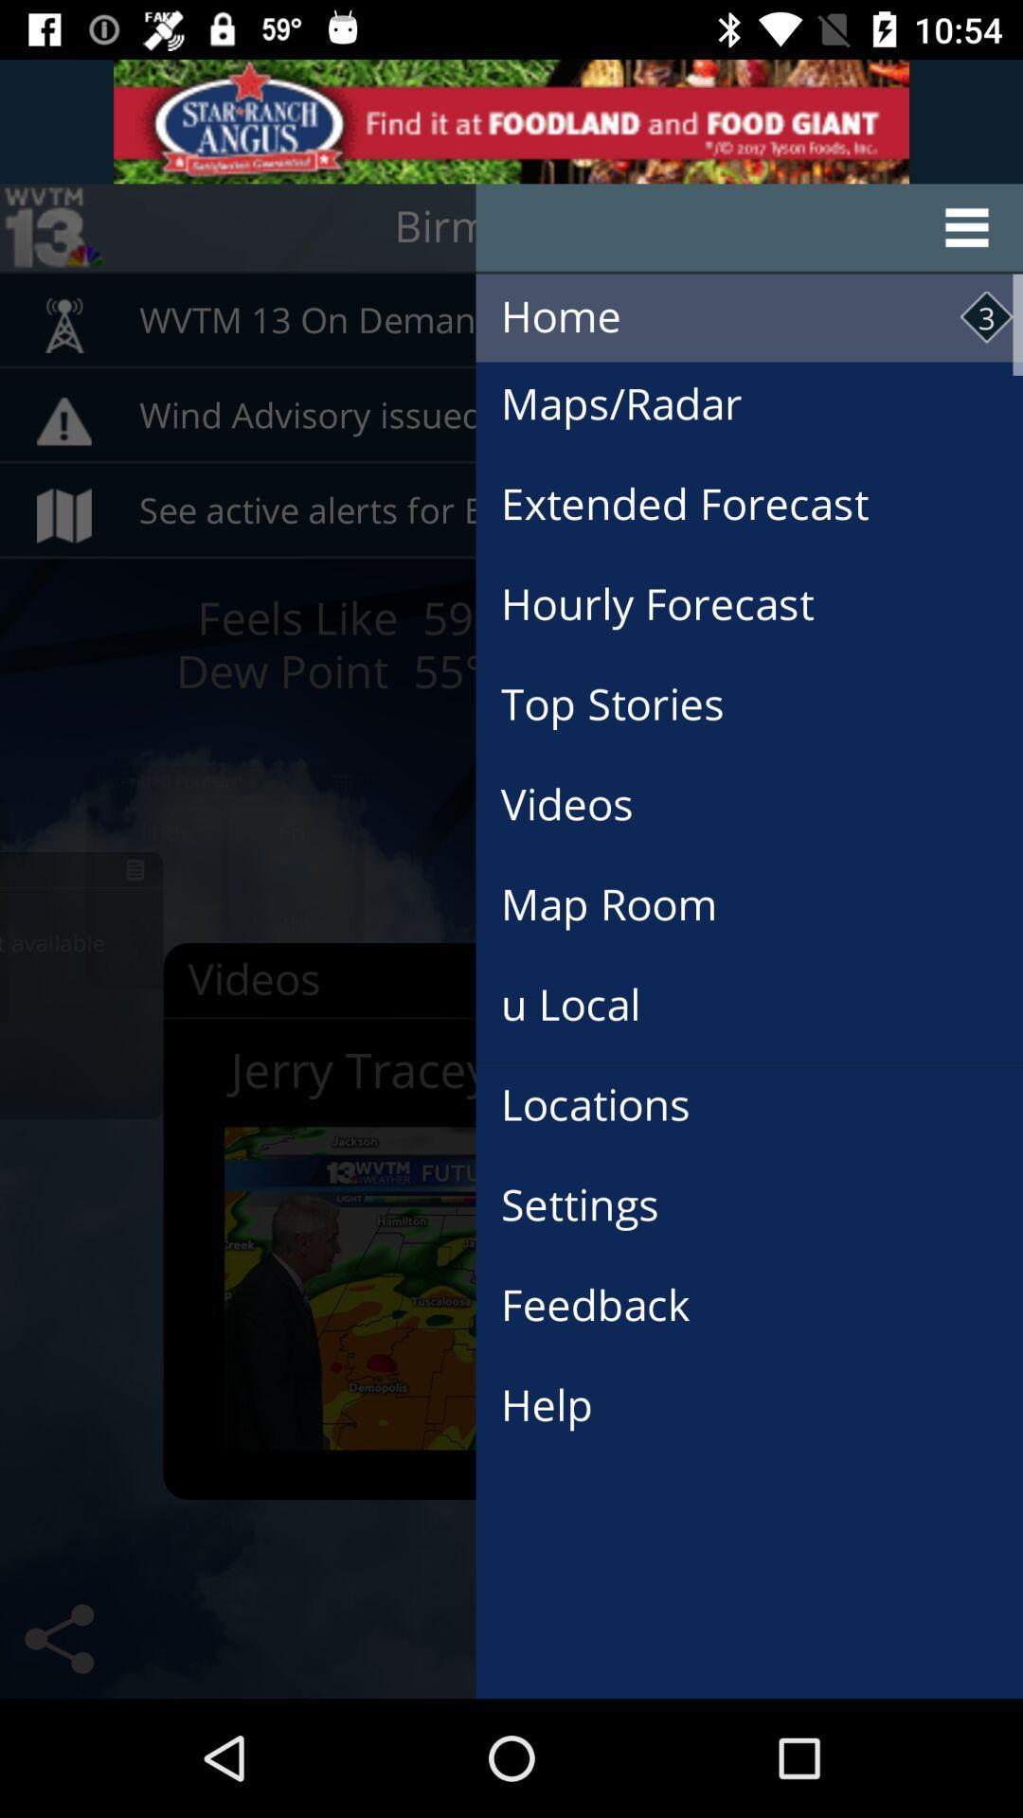  I want to click on the share icon, so click(58, 1638).